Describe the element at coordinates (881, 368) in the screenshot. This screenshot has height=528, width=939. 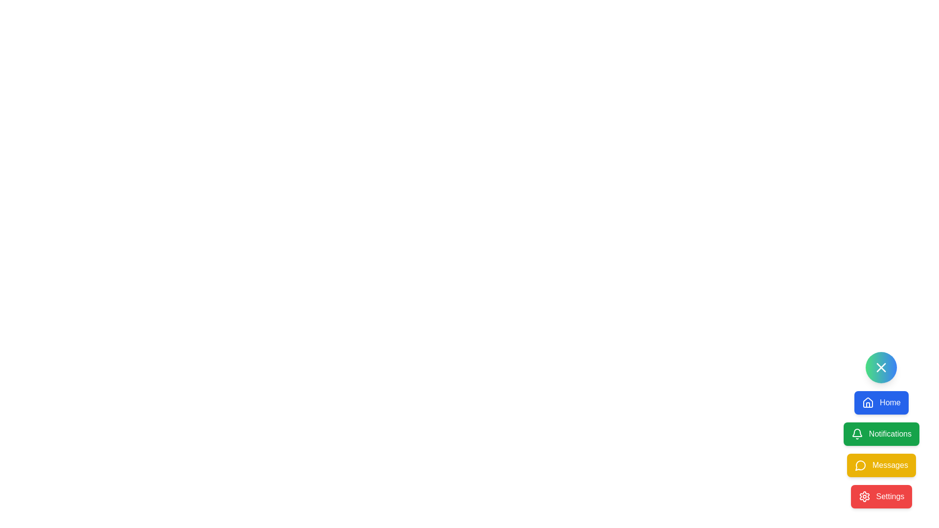
I see `the X-shaped close icon located at the center of the circular green-to-blue gradient button at the top of the vertical menu on the right side of the interface` at that location.